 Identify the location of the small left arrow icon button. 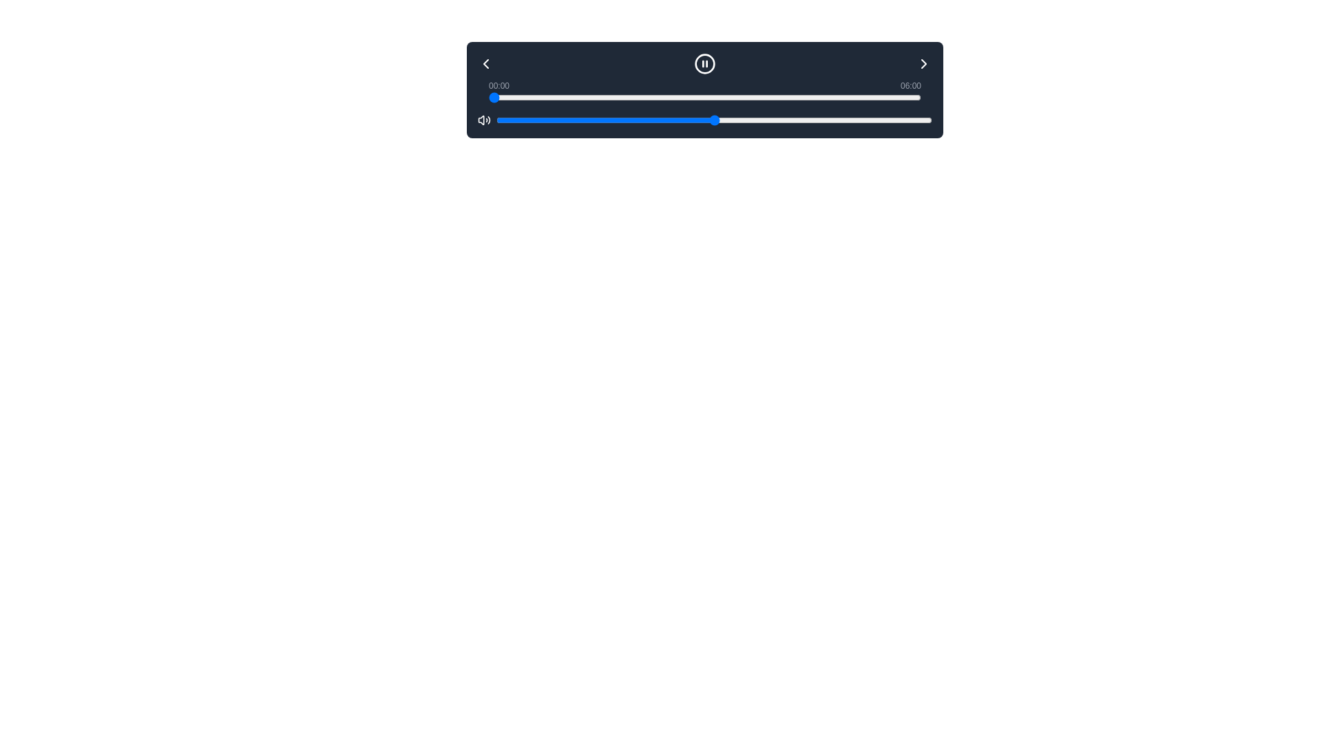
(485, 63).